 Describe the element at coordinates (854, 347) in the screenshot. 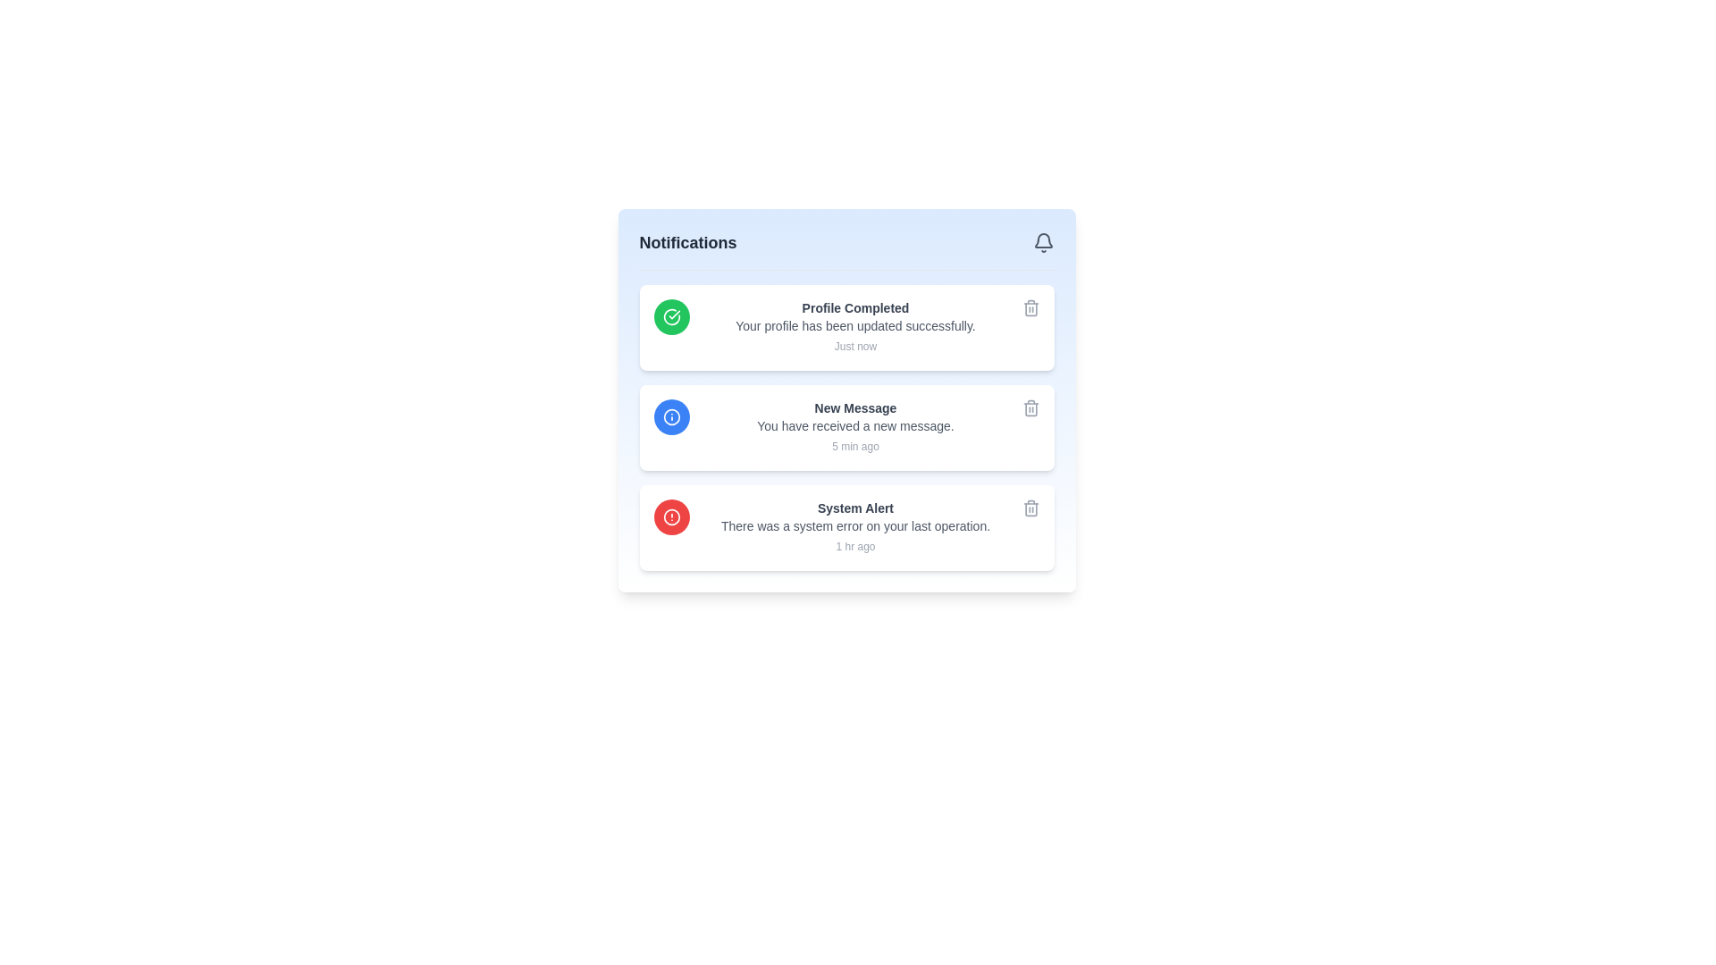

I see `the text label displaying 'Just now', which indicates a timestamp in the 'Profile Completed' notification group within the notifications panel` at that location.